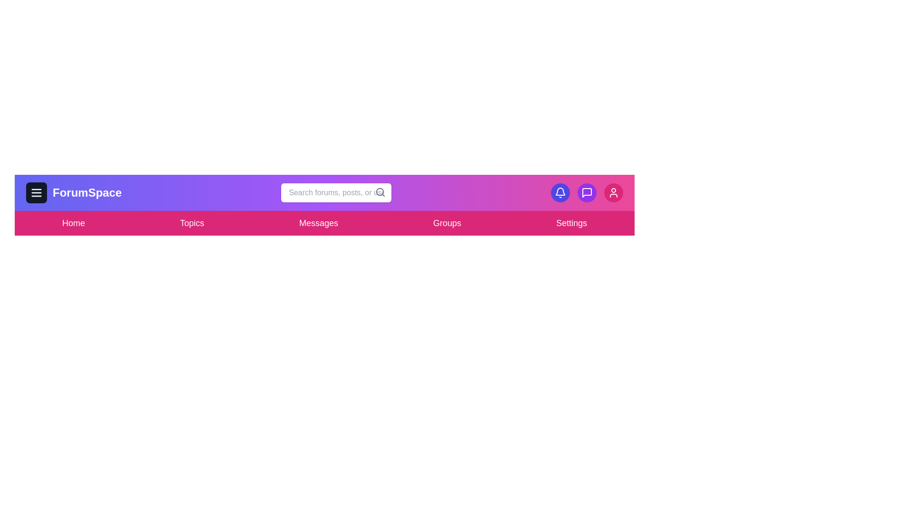 The height and width of the screenshot is (513, 912). I want to click on the Settings menu item to navigate to its section, so click(571, 223).